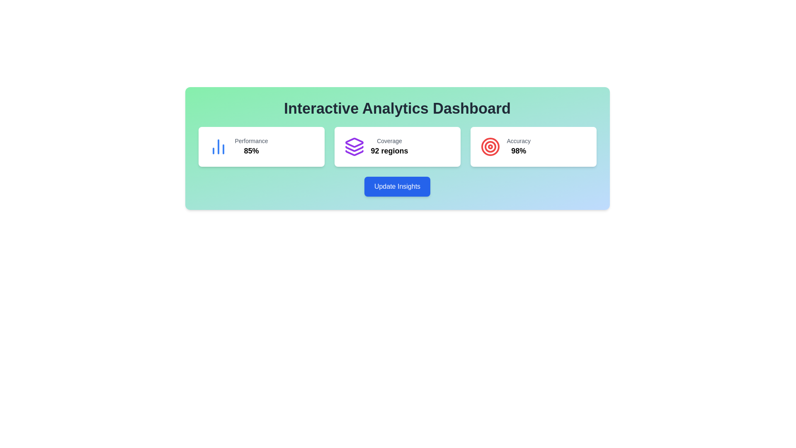  I want to click on the Informational label that displays the accuracy metric percentage, located within the rightmost card of a three-card layout, which has a white background and rounded corners, so click(518, 146).